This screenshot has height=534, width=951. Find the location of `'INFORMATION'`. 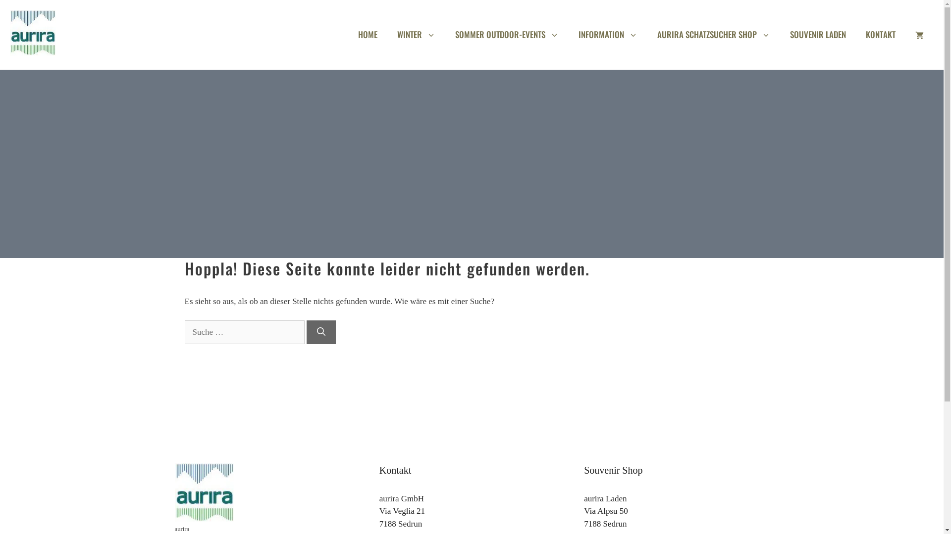

'INFORMATION' is located at coordinates (607, 34).